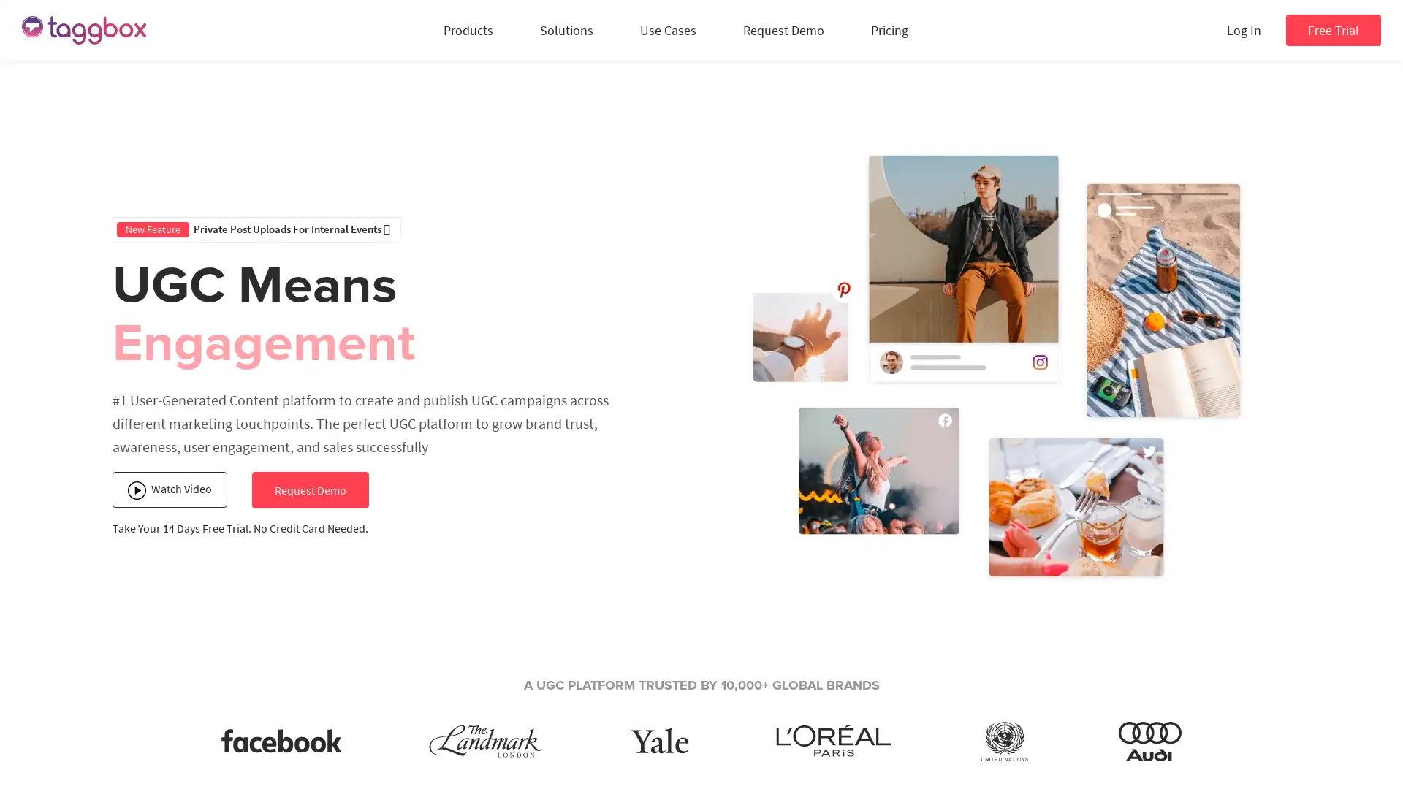 This screenshot has height=789, width=1403. Describe the element at coordinates (308, 490) in the screenshot. I see `Request Demo` at that location.